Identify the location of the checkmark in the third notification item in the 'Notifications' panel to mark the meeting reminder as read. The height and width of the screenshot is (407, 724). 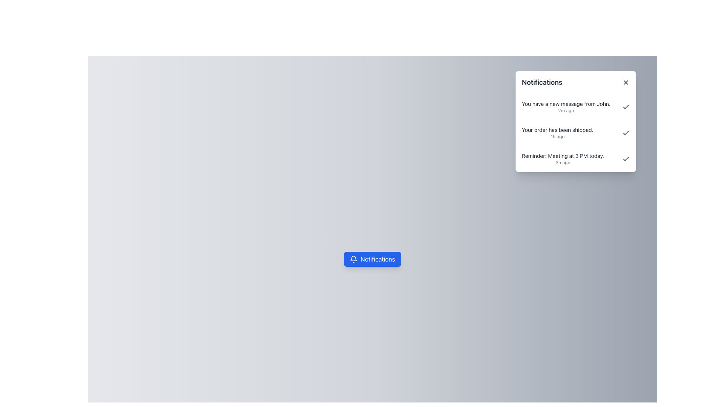
(575, 158).